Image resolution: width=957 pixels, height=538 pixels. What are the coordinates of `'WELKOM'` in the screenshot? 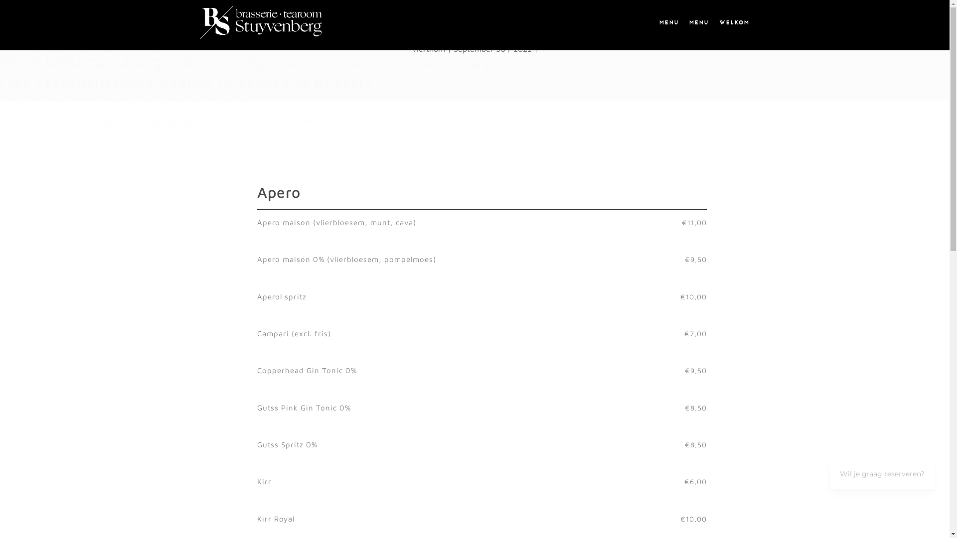 It's located at (715, 22).